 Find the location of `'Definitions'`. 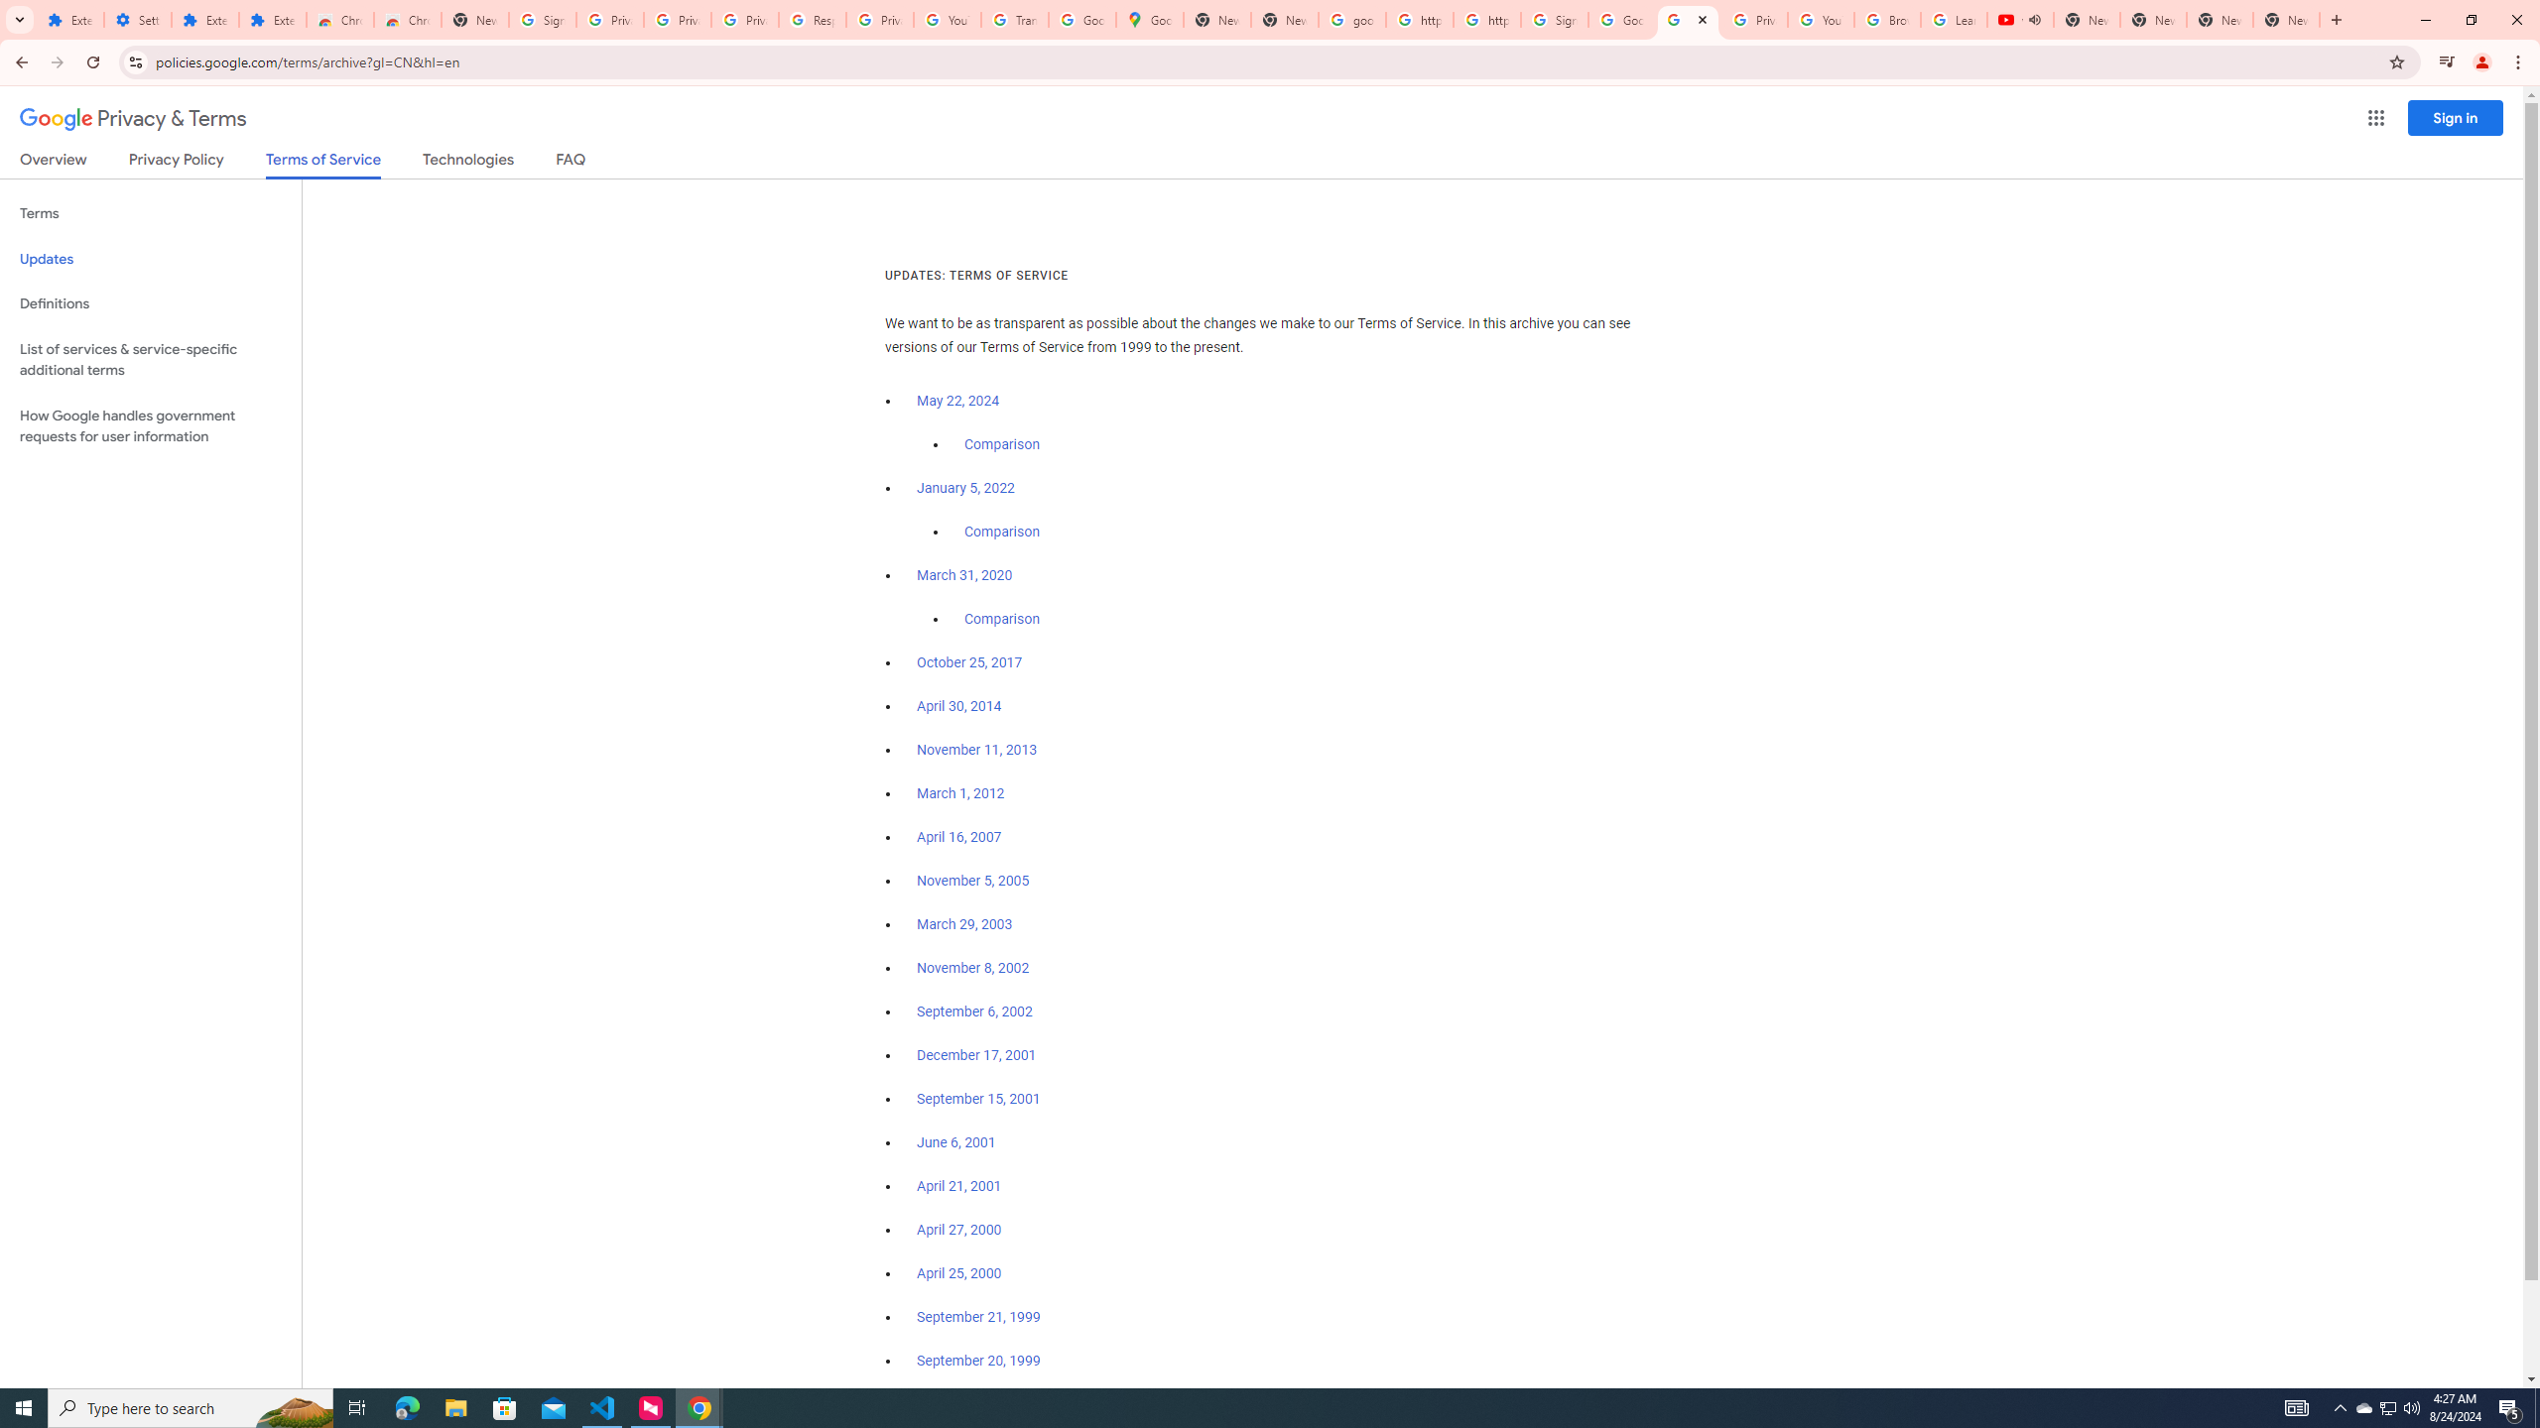

'Definitions' is located at coordinates (150, 303).